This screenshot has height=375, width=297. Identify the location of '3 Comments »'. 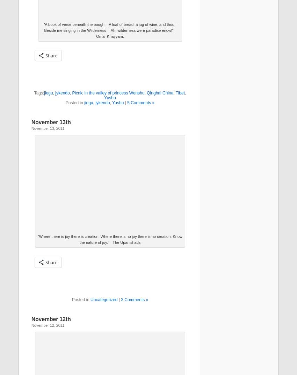
(134, 299).